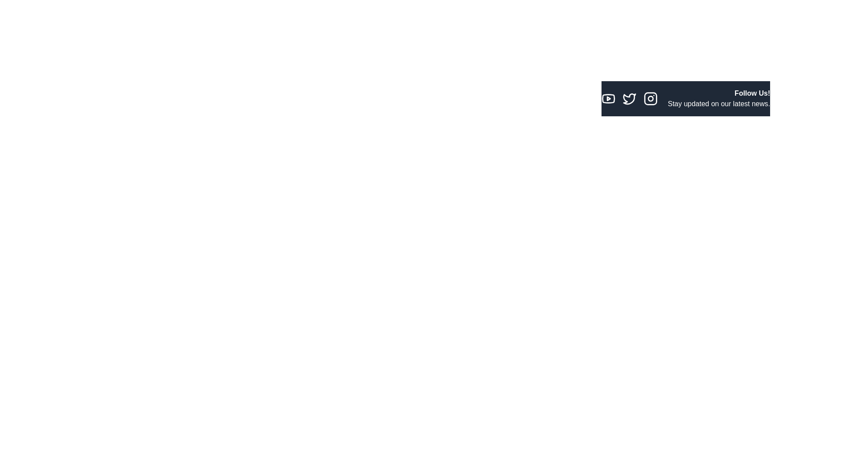  I want to click on the individual icons in the Informational Text Section with Icons to redirect to social media platforms, so click(685, 98).